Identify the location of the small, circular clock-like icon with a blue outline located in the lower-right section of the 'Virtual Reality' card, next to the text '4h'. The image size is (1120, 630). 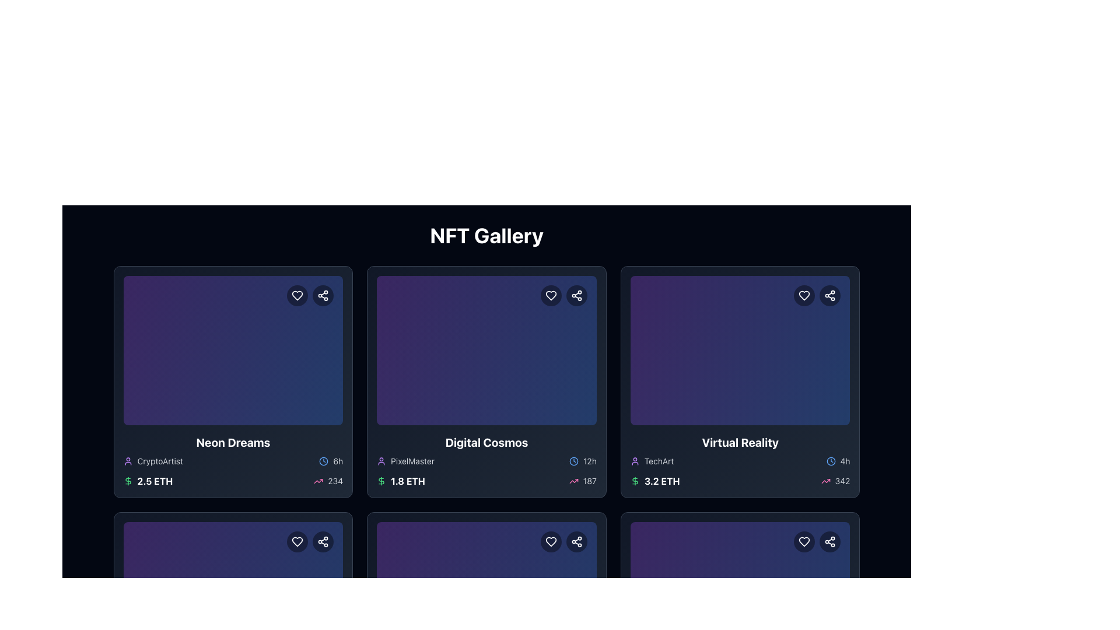
(830, 460).